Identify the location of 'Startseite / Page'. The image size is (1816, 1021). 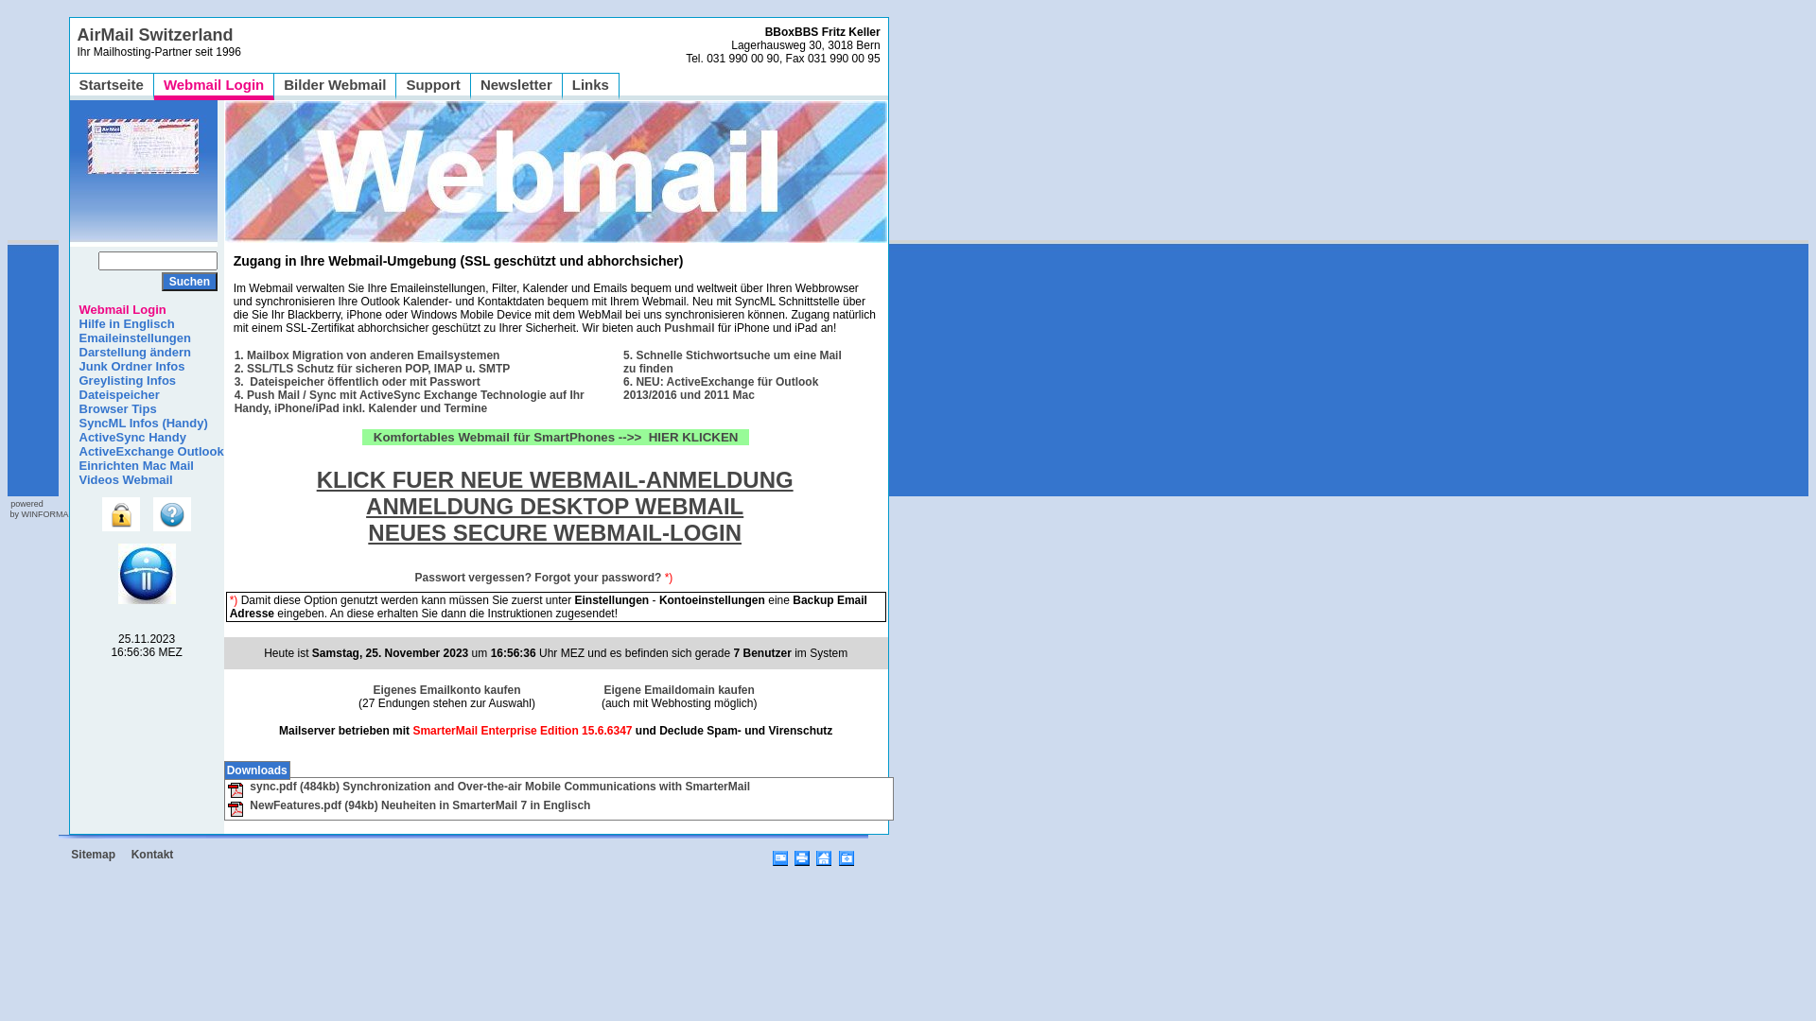
(823, 854).